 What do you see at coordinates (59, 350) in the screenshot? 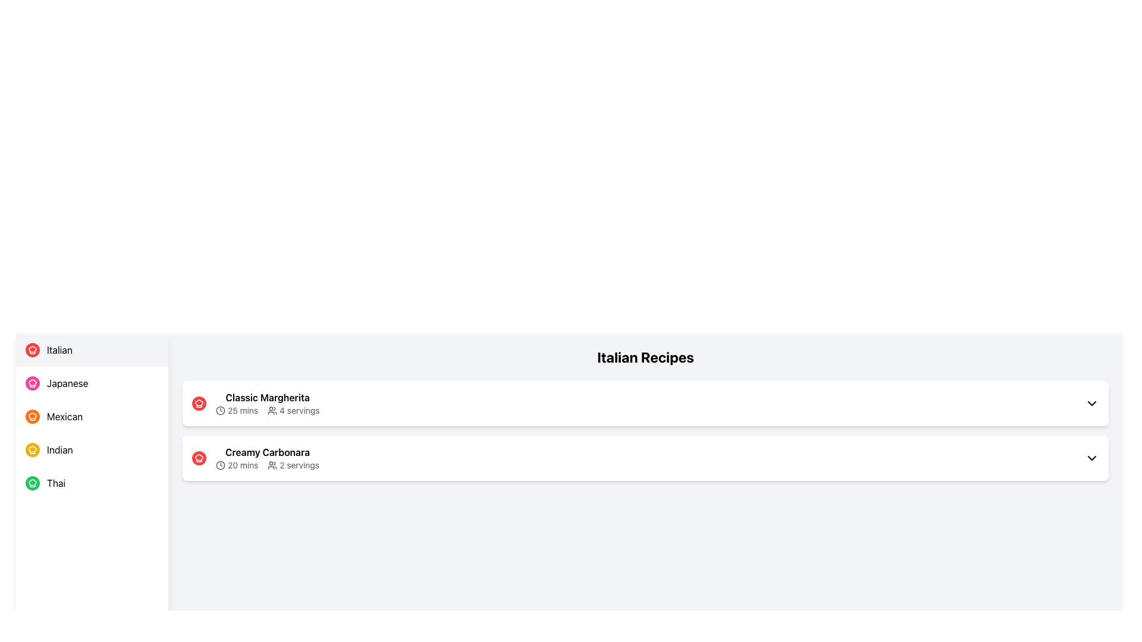
I see `the 'Italian' text label in the clickable menu` at bounding box center [59, 350].